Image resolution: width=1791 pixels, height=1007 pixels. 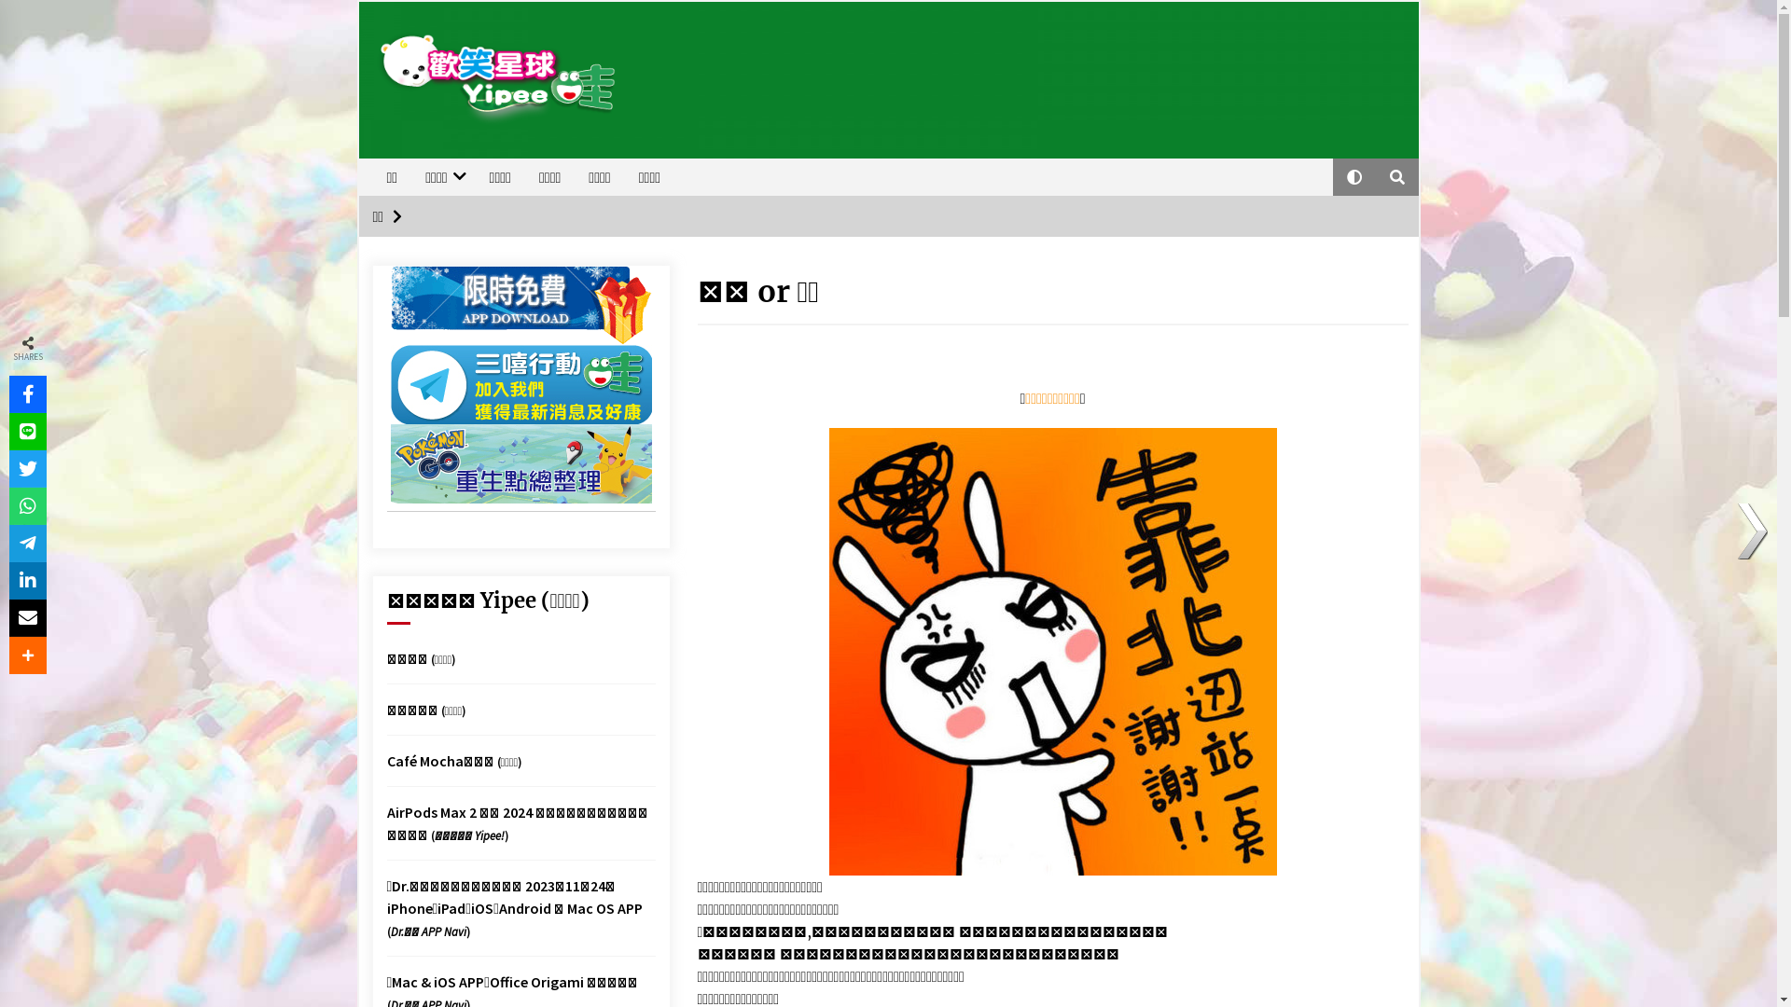 I want to click on 'Tweet this !', so click(x=27, y=467).